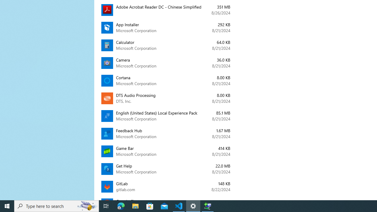  What do you see at coordinates (7, 206) in the screenshot?
I see `'Start'` at bounding box center [7, 206].